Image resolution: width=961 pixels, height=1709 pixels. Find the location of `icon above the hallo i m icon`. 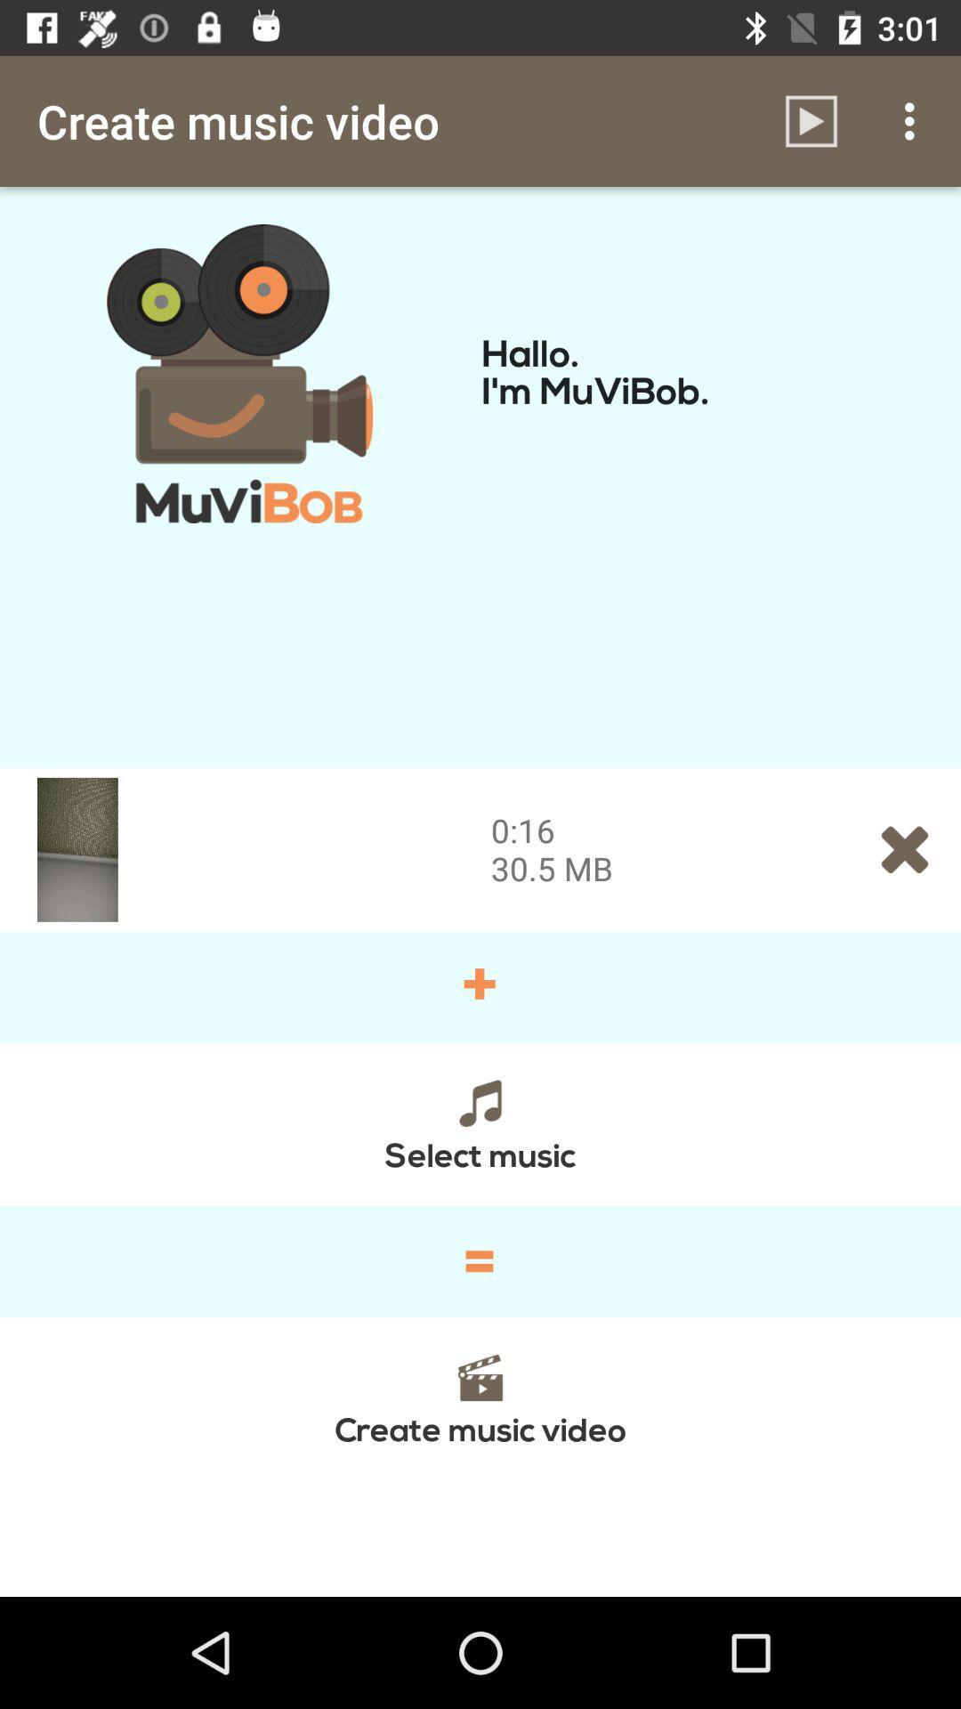

icon above the hallo i m icon is located at coordinates (811, 120).